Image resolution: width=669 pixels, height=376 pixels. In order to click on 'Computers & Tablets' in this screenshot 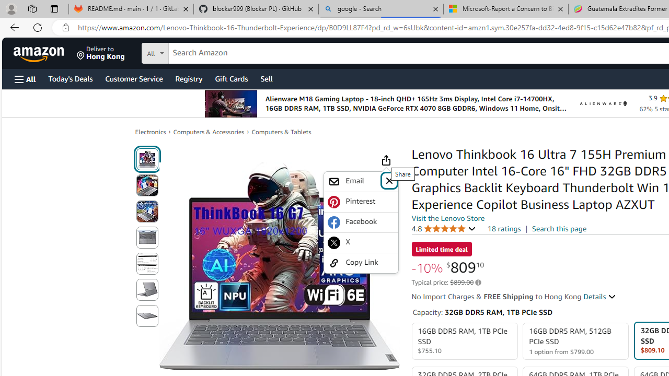, I will do `click(281, 132)`.